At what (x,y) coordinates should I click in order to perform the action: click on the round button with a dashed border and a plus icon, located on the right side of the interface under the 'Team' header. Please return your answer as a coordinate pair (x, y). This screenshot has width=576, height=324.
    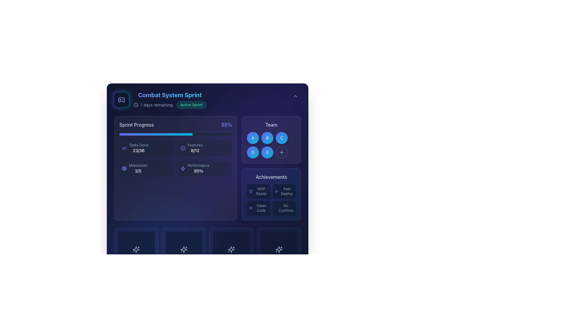
    Looking at the image, I should click on (281, 152).